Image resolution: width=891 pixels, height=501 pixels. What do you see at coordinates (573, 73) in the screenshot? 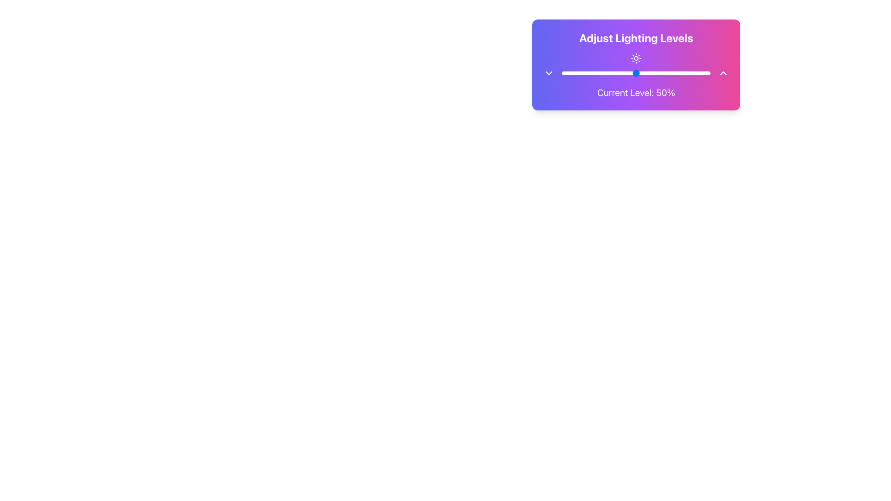
I see `the lighting level` at bounding box center [573, 73].